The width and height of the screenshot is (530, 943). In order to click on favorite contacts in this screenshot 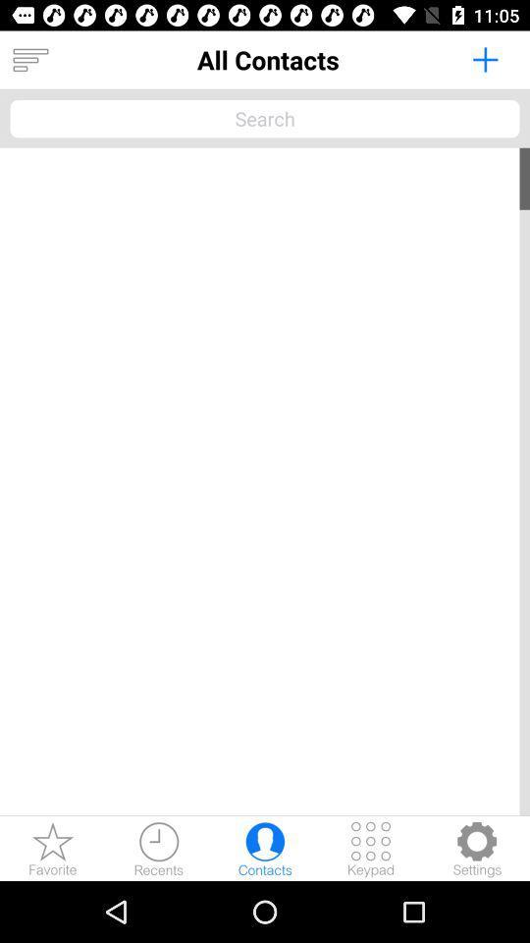, I will do `click(53, 848)`.